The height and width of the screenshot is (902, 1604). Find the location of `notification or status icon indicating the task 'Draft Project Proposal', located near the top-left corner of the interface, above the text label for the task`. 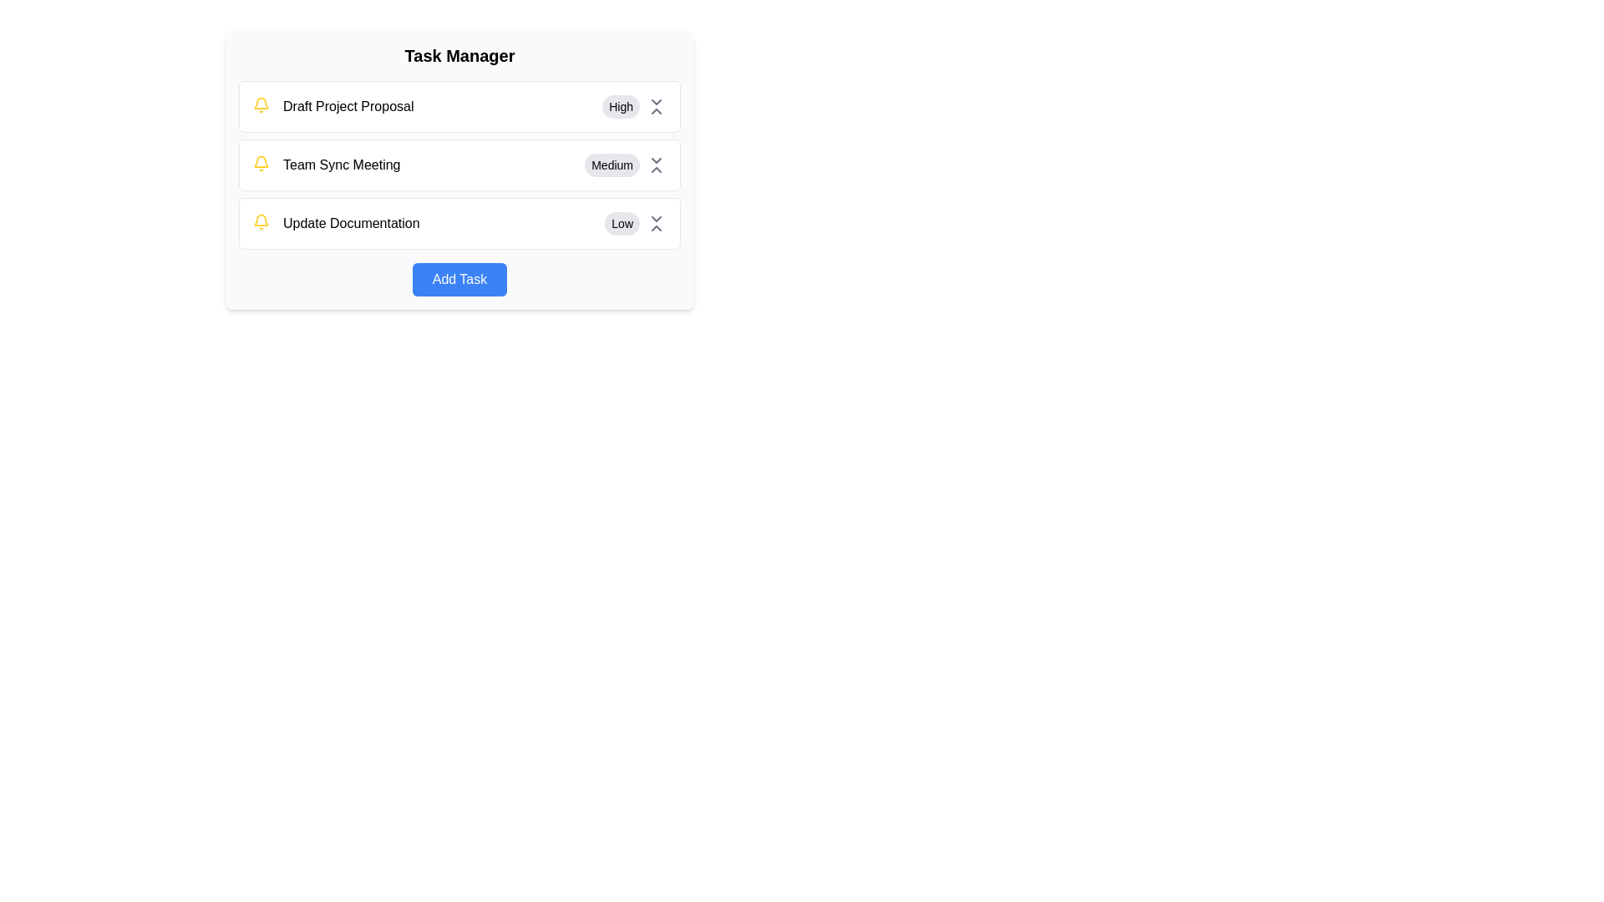

notification or status icon indicating the task 'Draft Project Proposal', located near the top-left corner of the interface, above the text label for the task is located at coordinates (260, 105).